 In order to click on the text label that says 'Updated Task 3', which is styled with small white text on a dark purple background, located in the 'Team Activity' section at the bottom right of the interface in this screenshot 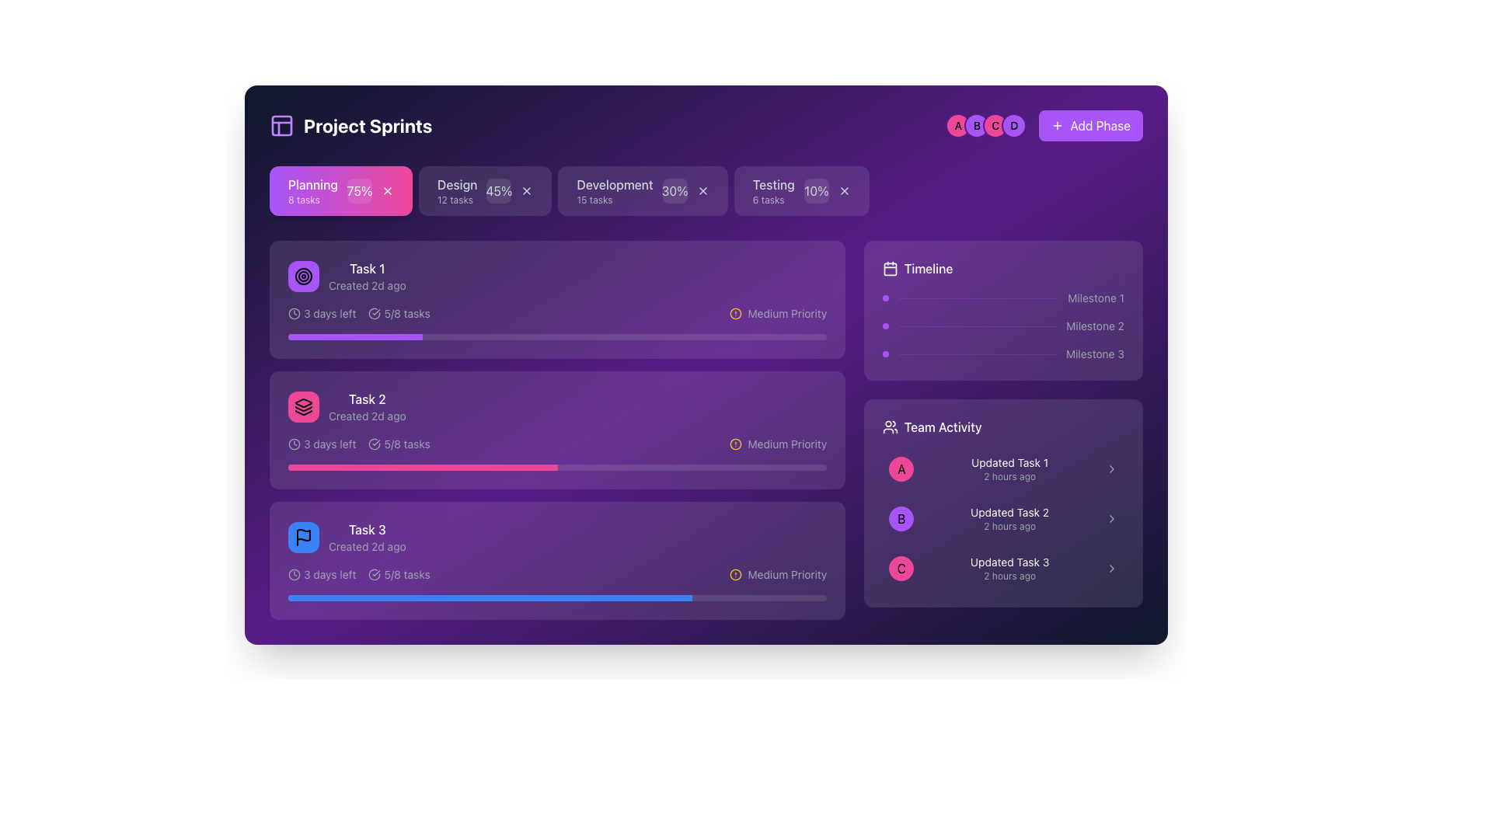, I will do `click(1009, 562)`.